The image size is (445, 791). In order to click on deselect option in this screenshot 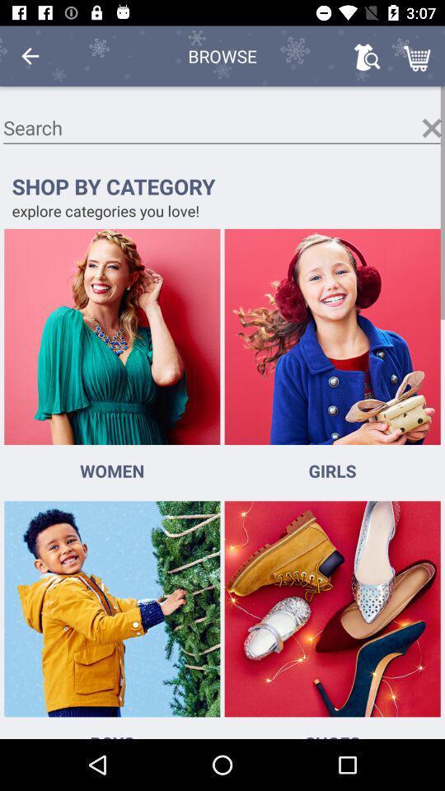, I will do `click(432, 127)`.